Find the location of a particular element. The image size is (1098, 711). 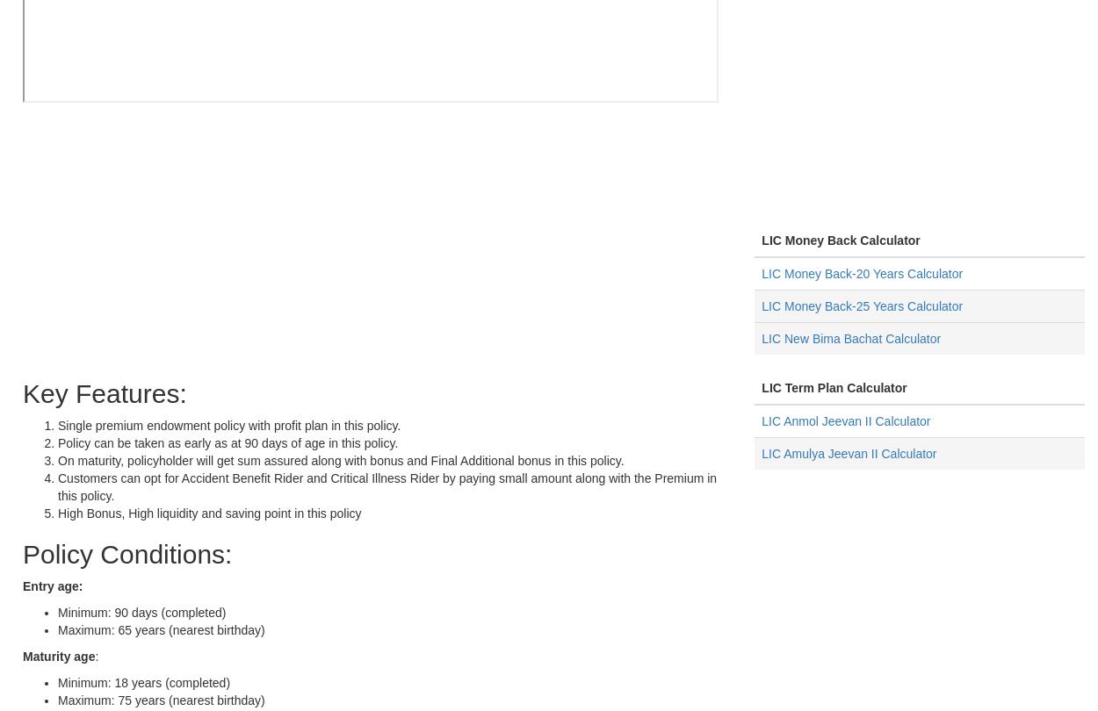

'LIC Money Back-20 Years Calculator' is located at coordinates (861, 273).